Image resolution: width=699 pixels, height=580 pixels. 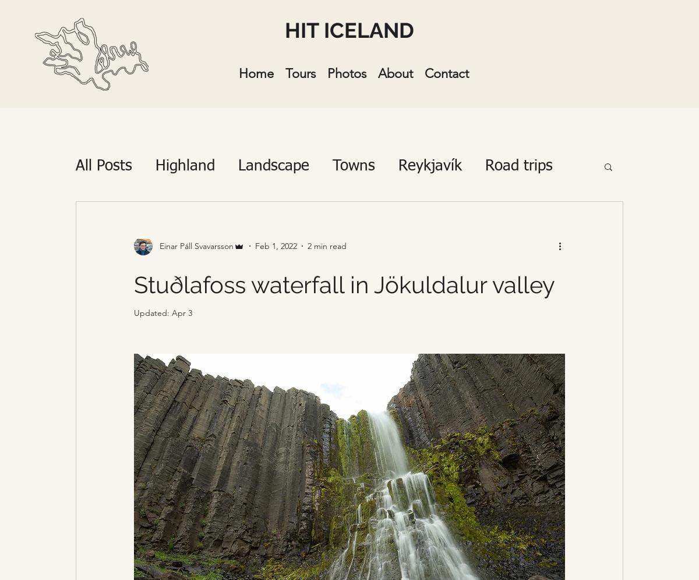 I want to click on 'Towns', so click(x=354, y=166).